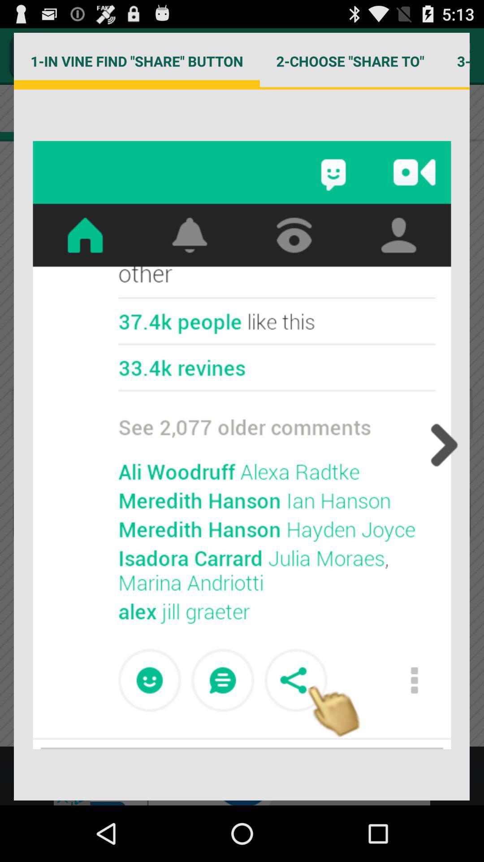  Describe the element at coordinates (137, 61) in the screenshot. I see `the 1 in vine icon` at that location.